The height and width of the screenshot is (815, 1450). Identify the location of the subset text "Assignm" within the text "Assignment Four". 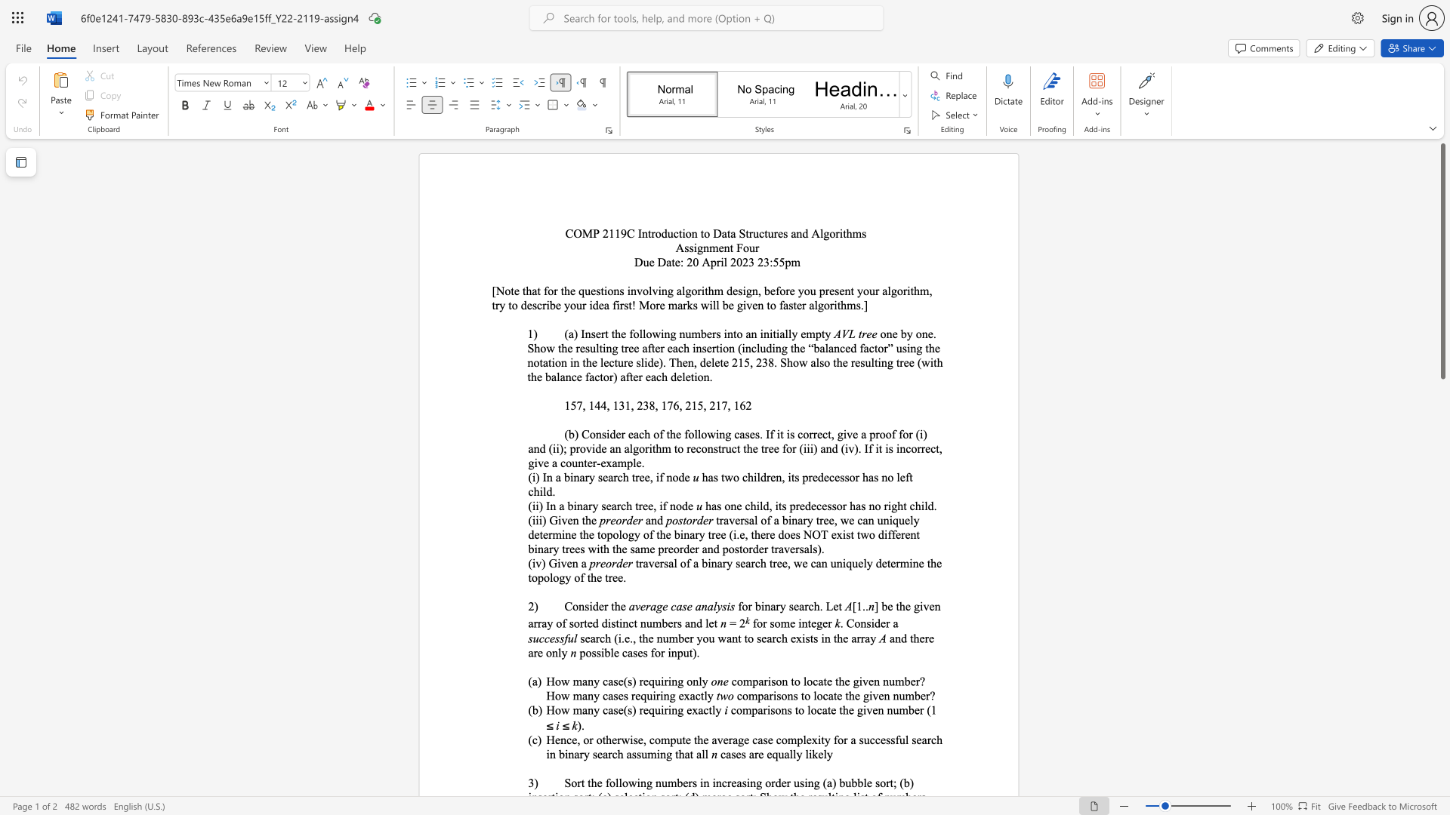
(674, 247).